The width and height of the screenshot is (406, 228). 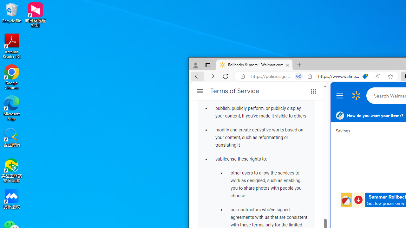 I want to click on 'Acrobat Reader DC', so click(x=12, y=46).